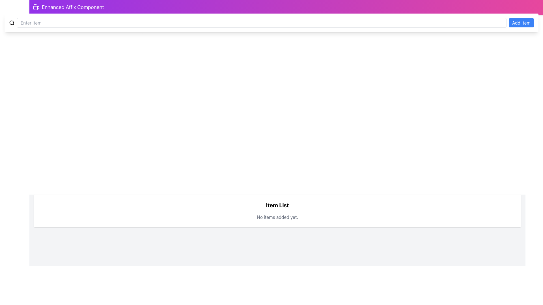 Image resolution: width=543 pixels, height=305 pixels. What do you see at coordinates (12, 23) in the screenshot?
I see `the search icon located on the header bar, which is positioned to the far left of the text input field marked with 'placeholder: Enter item'` at bounding box center [12, 23].